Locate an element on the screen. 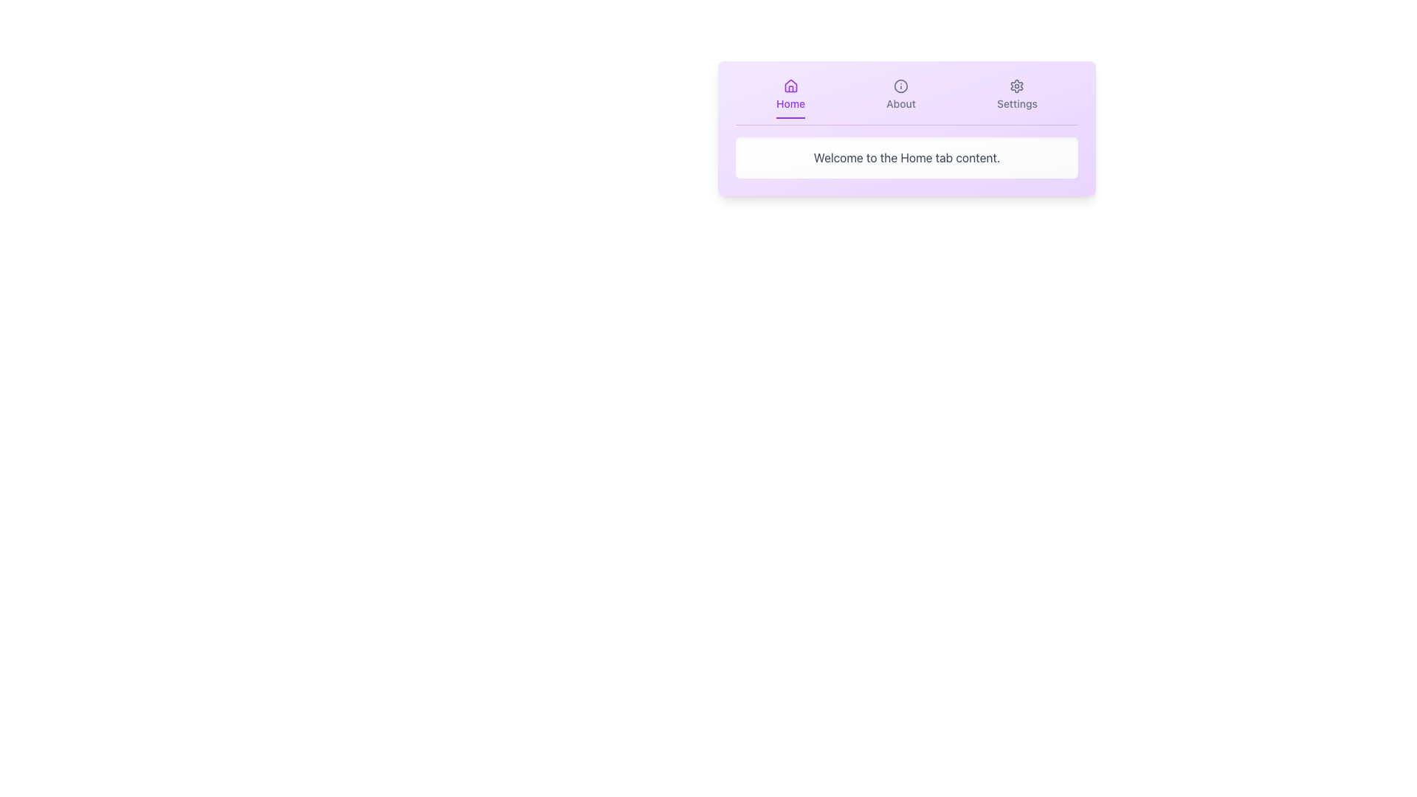 Image resolution: width=1417 pixels, height=797 pixels. the navigation button that is the third item in a horizontal navigation bar is located at coordinates (1016, 99).